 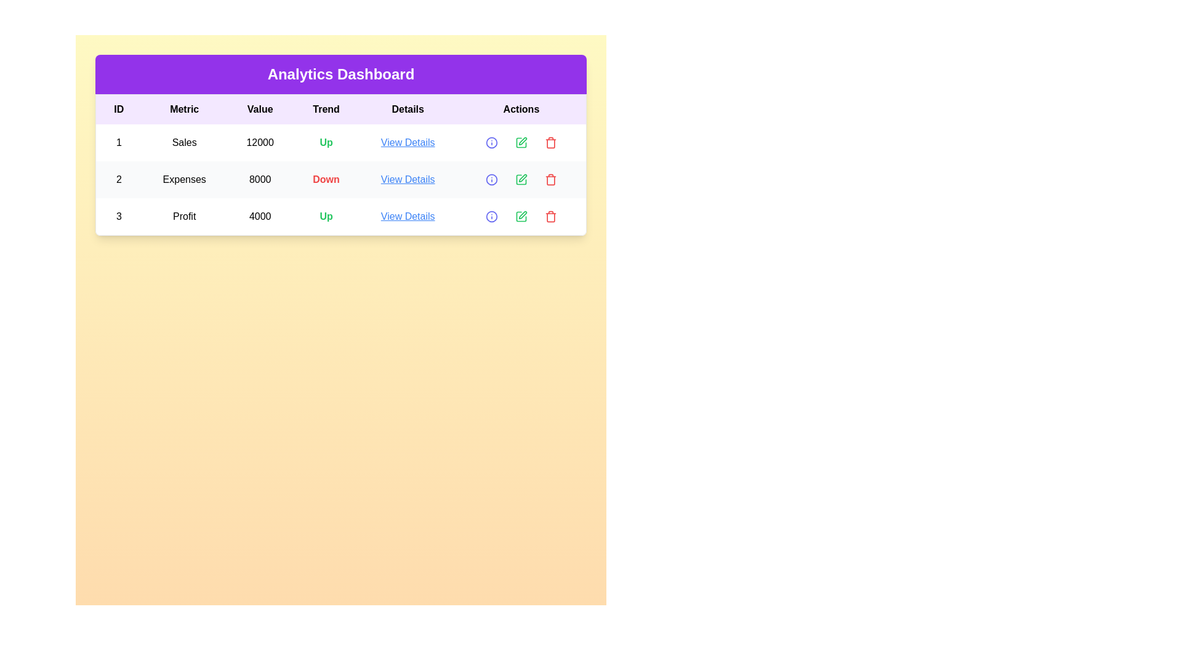 What do you see at coordinates (340, 164) in the screenshot?
I see `the 'Trend' column of the second row in the table, which displays the text 'Down' in red, to initiate potential interactions` at bounding box center [340, 164].